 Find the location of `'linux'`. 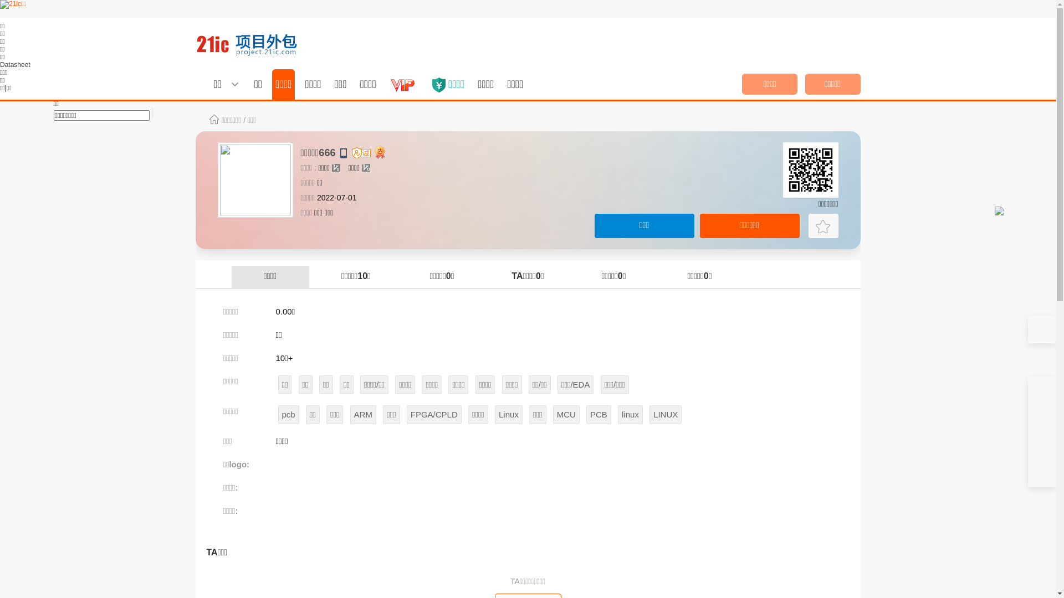

'linux' is located at coordinates (630, 414).